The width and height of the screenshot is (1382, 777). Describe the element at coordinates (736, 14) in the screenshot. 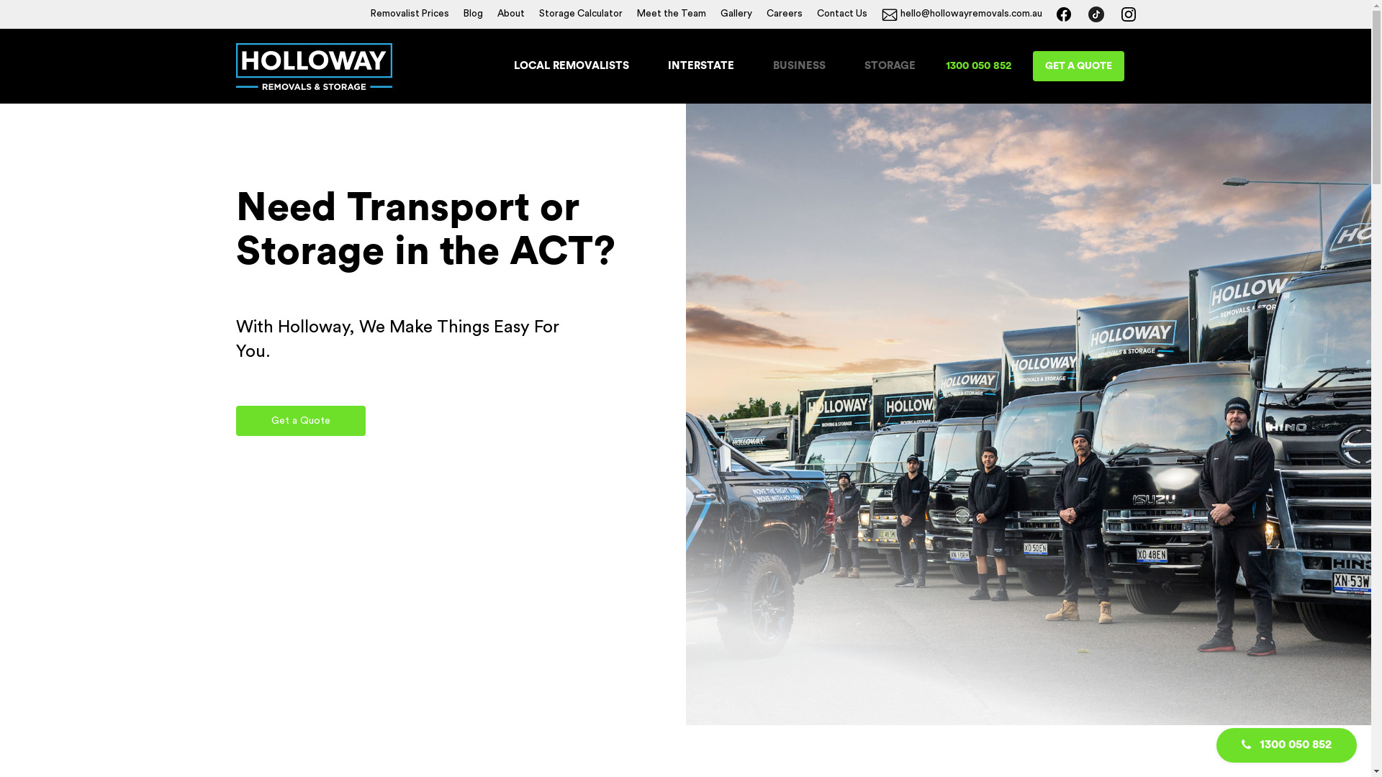

I see `'Gallery'` at that location.